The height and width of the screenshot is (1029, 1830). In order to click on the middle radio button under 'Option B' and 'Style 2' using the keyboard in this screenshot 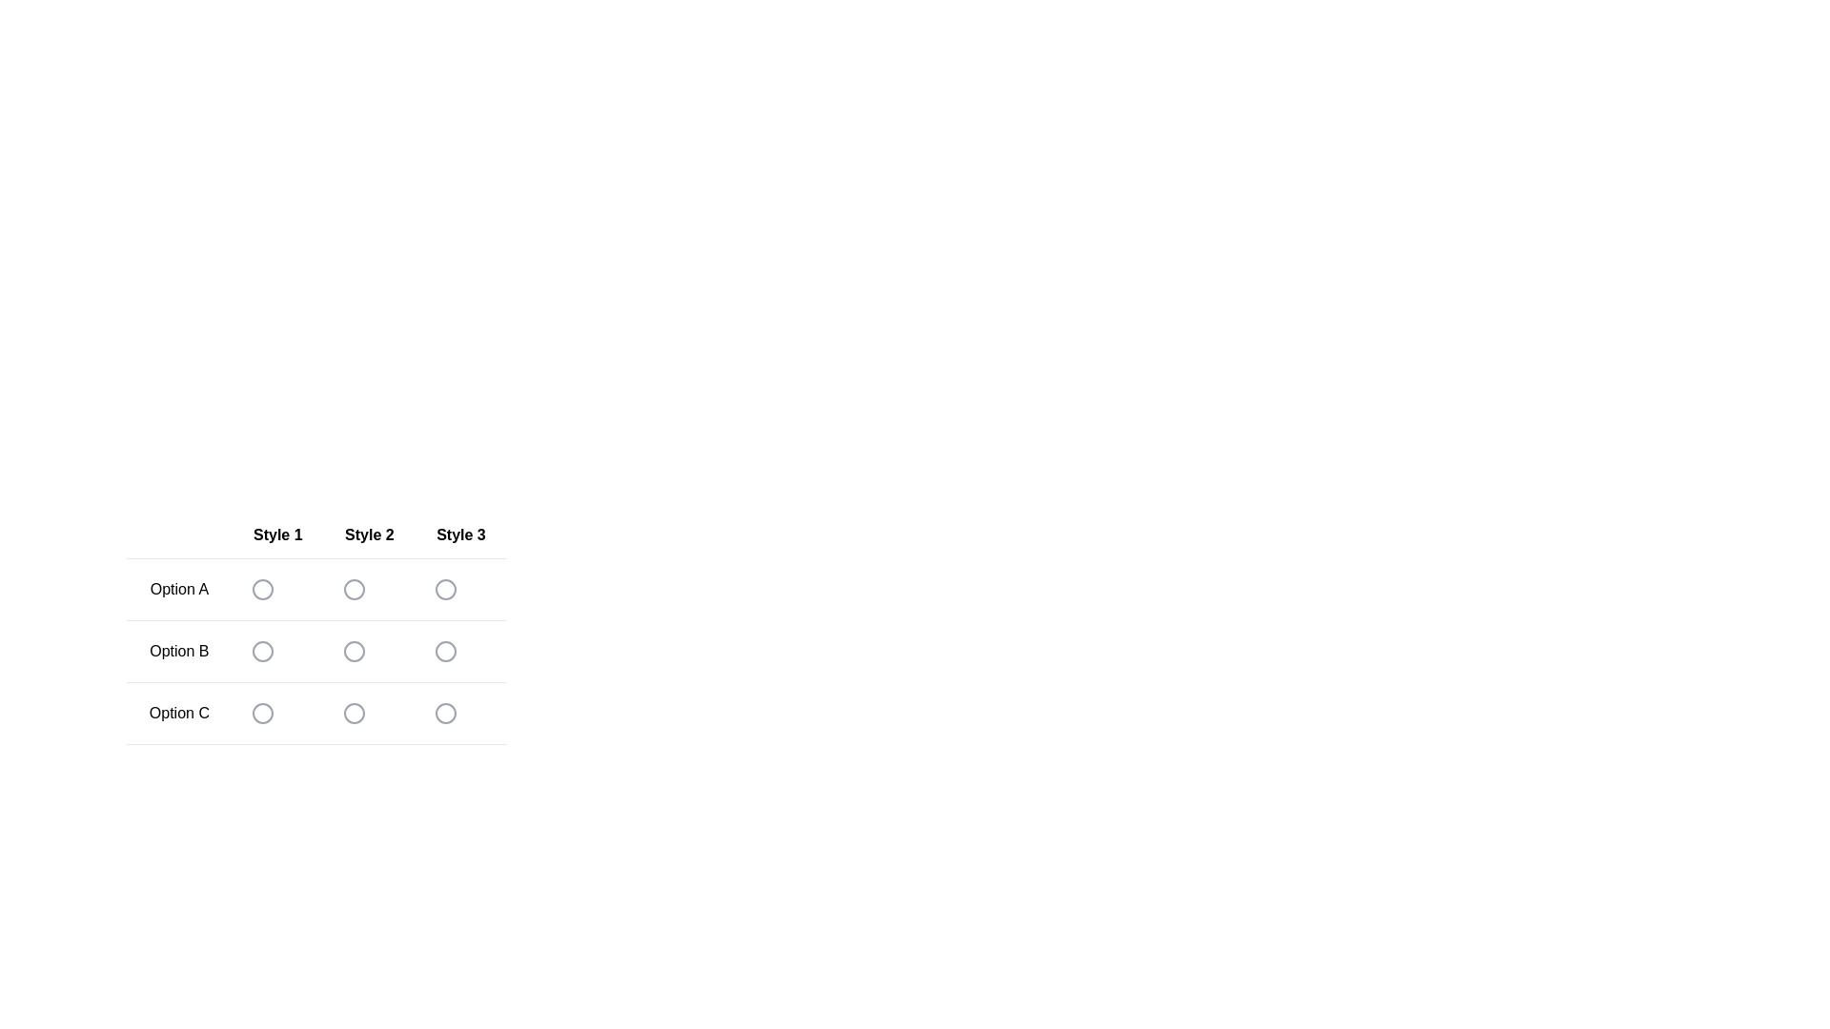, I will do `click(316, 628)`.